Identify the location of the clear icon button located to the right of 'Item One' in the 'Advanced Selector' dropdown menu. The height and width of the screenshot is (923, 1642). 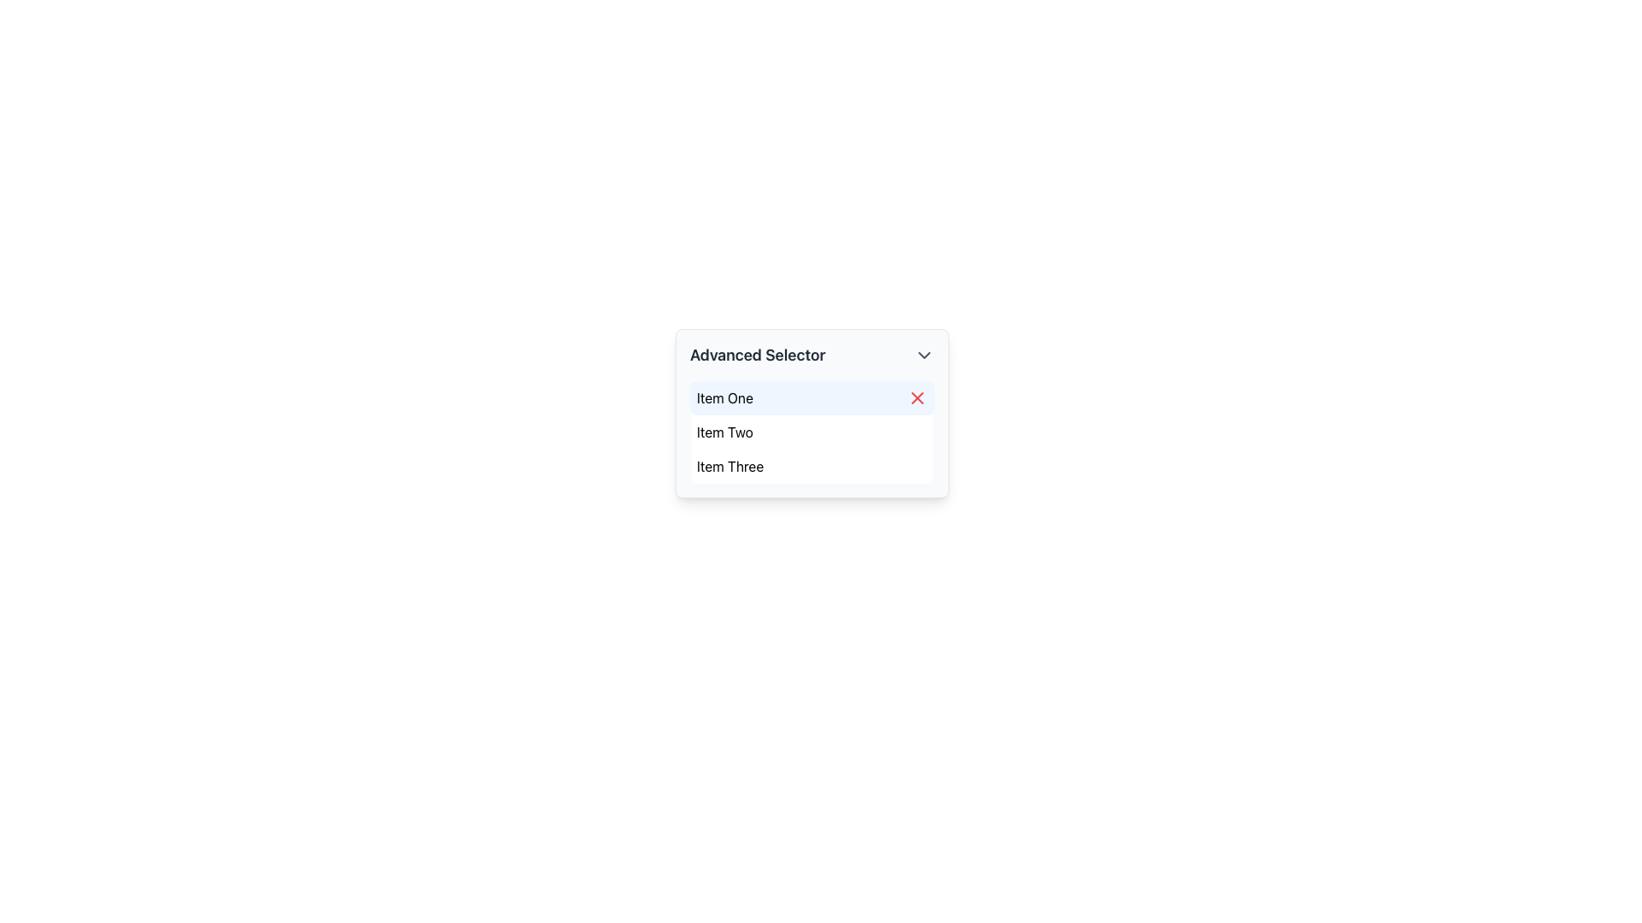
(917, 398).